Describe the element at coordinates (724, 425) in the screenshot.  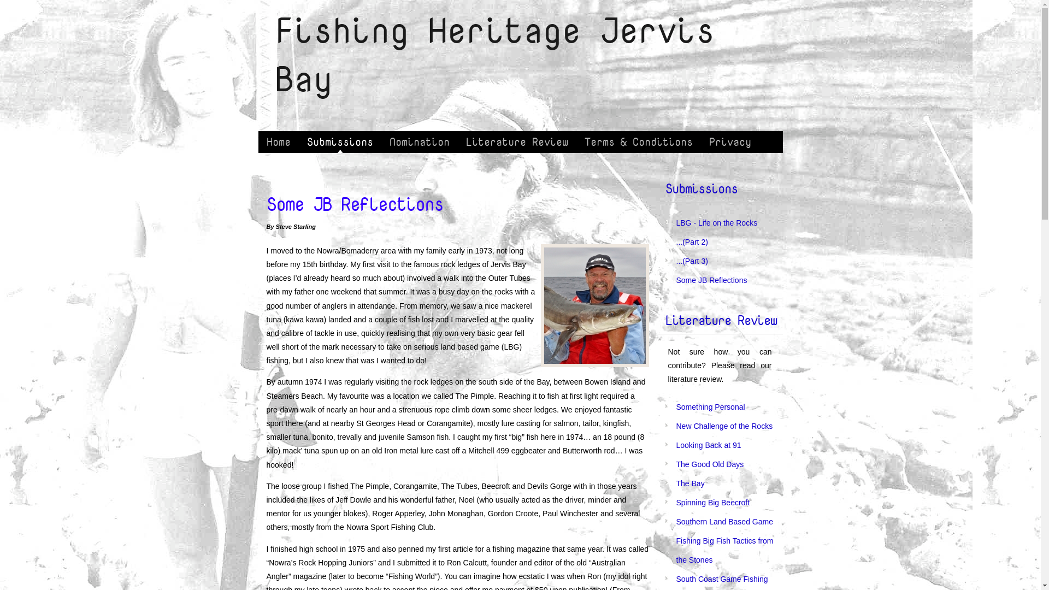
I see `'New Challenge of the Rocks'` at that location.